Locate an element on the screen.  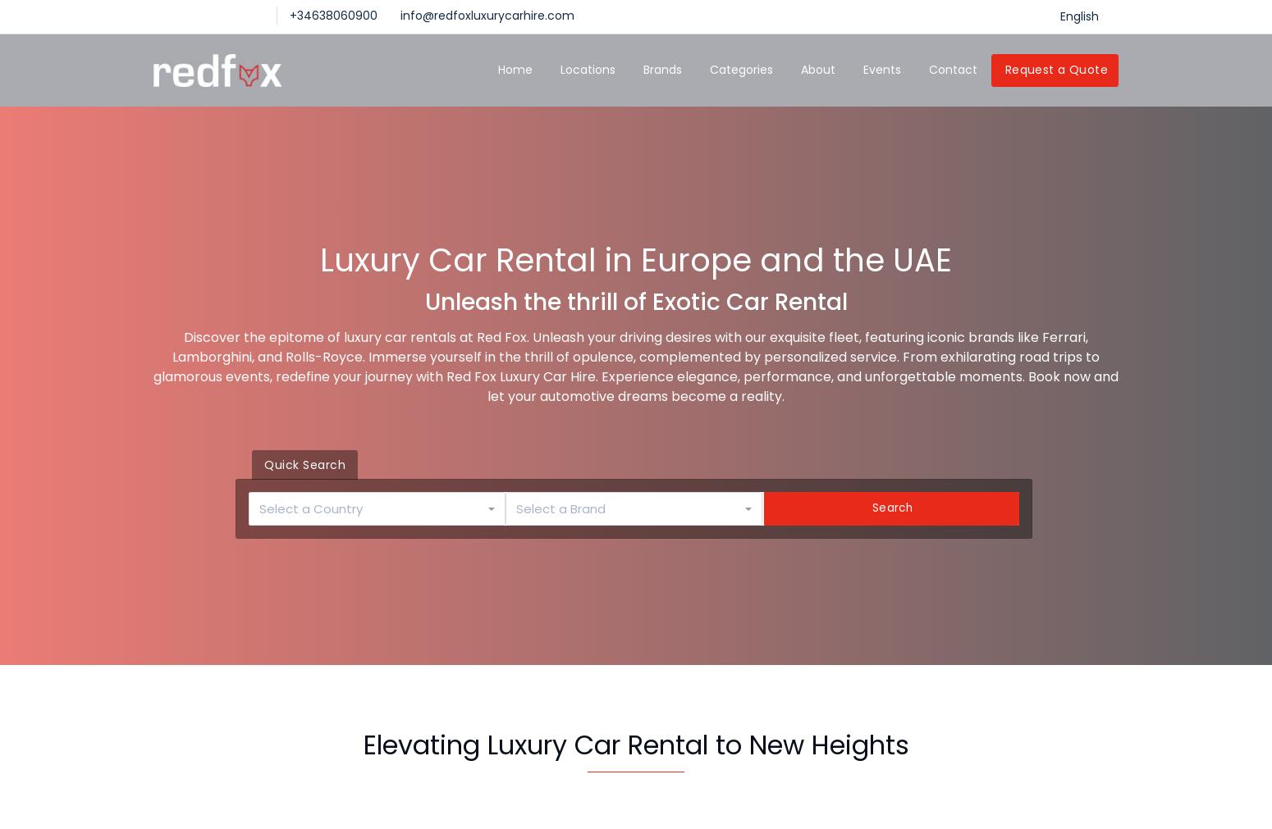
'SUV 4x4' is located at coordinates (752, 134).